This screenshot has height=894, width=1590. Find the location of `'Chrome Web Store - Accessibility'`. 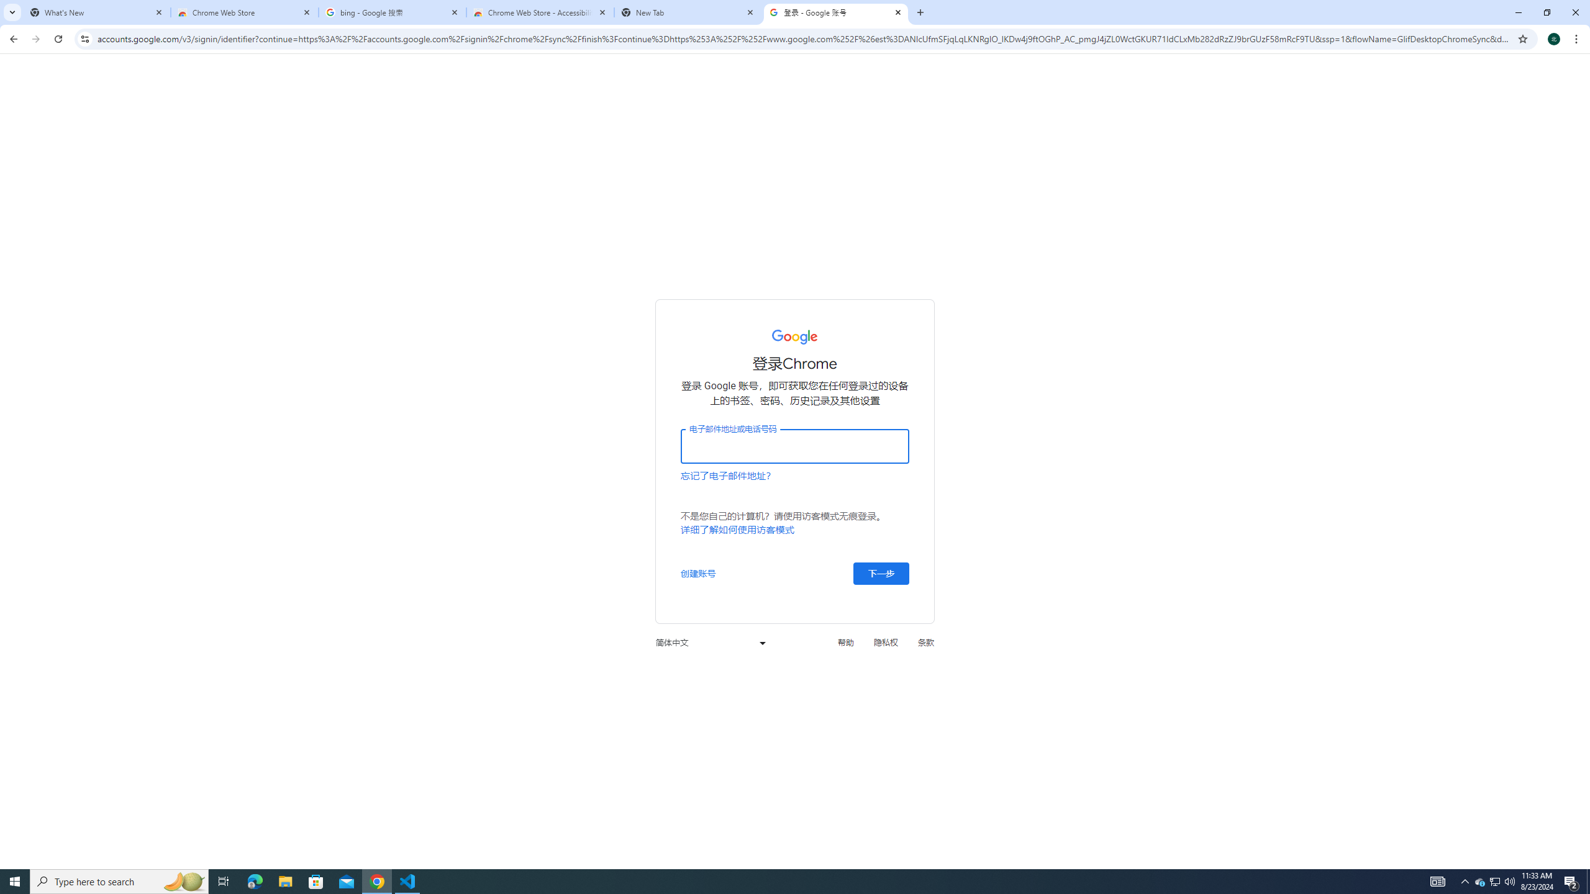

'Chrome Web Store - Accessibility' is located at coordinates (540, 12).